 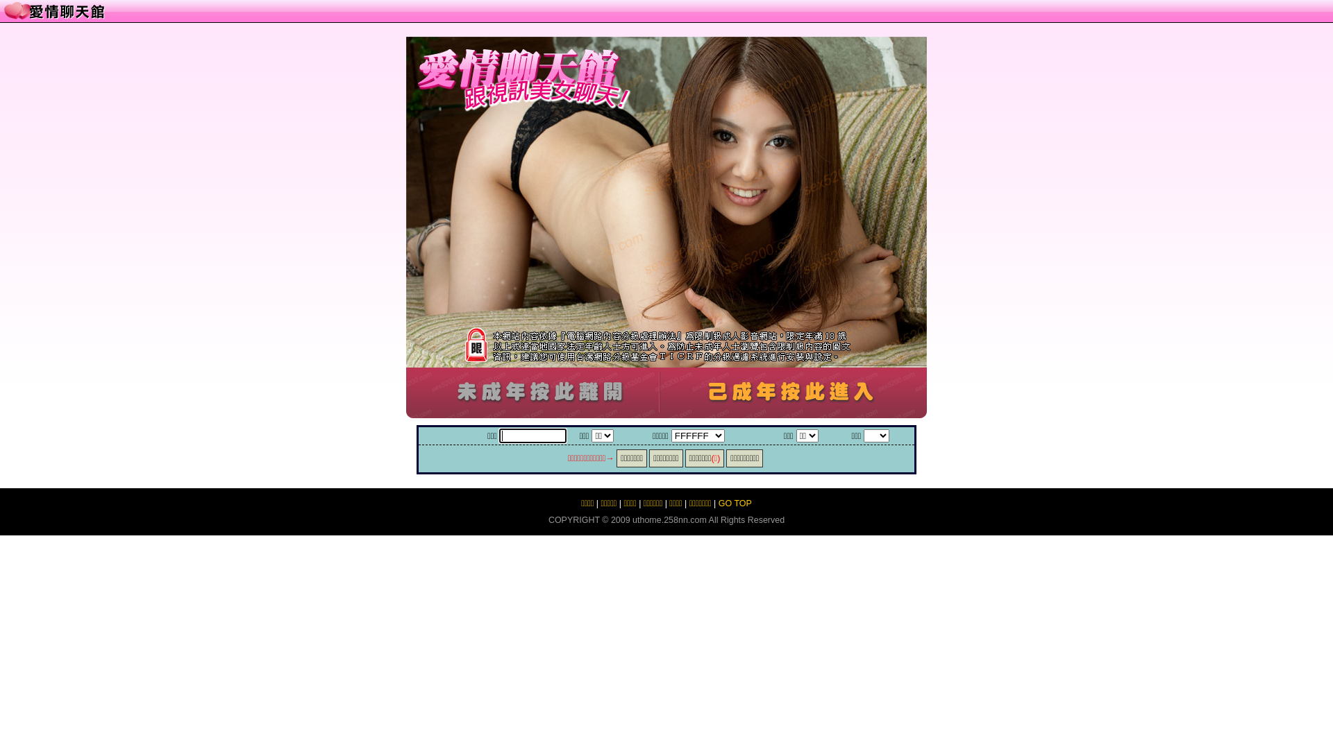 What do you see at coordinates (669, 519) in the screenshot?
I see `'uthome.258nn.com'` at bounding box center [669, 519].